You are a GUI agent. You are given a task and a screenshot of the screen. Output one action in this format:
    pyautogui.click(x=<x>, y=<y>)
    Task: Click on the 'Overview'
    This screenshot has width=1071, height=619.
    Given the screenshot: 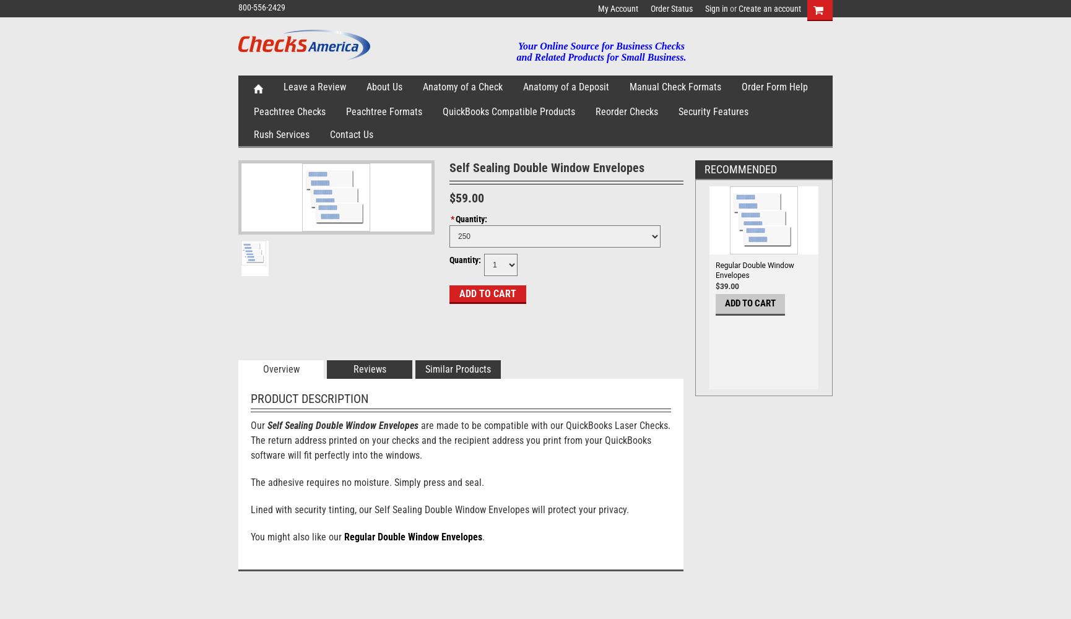 What is the action you would take?
    pyautogui.click(x=280, y=368)
    